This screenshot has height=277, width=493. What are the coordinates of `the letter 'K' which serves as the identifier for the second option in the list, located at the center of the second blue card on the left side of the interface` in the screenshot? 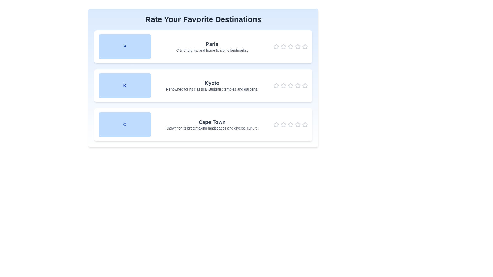 It's located at (125, 85).